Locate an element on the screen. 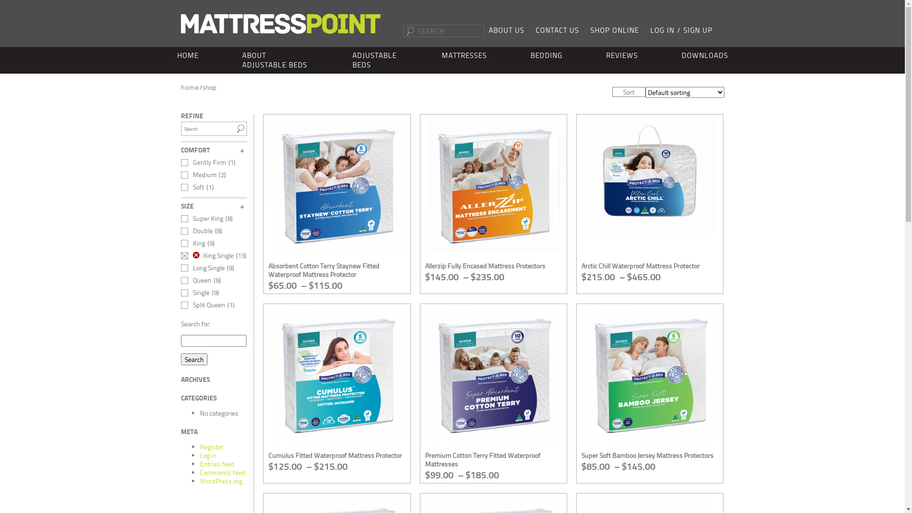  'SHOP ONLINE' is located at coordinates (614, 29).